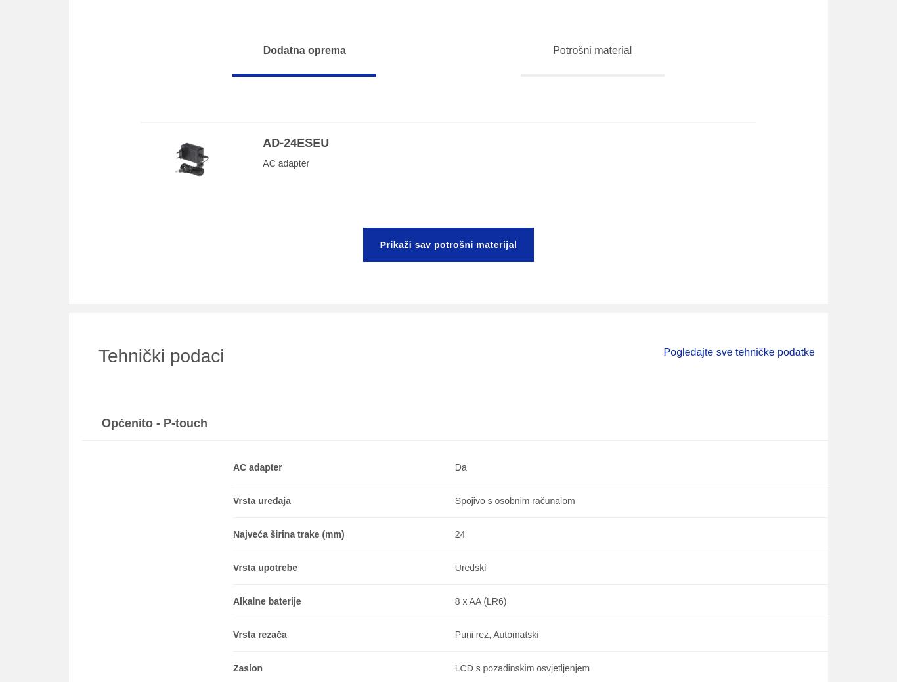 The image size is (897, 682). What do you see at coordinates (108, 221) in the screenshot?
I see `'PT-2730VP'` at bounding box center [108, 221].